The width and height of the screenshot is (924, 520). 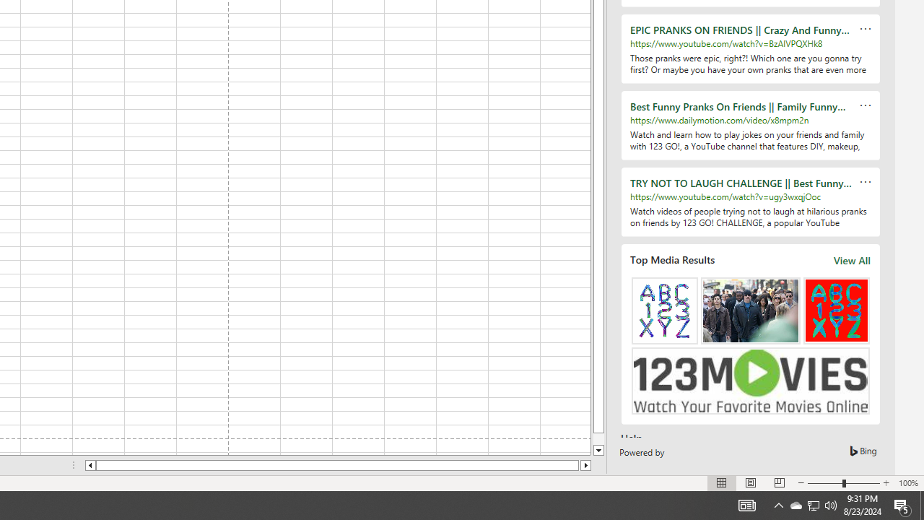 I want to click on 'Notification Chevron', so click(x=814, y=504).